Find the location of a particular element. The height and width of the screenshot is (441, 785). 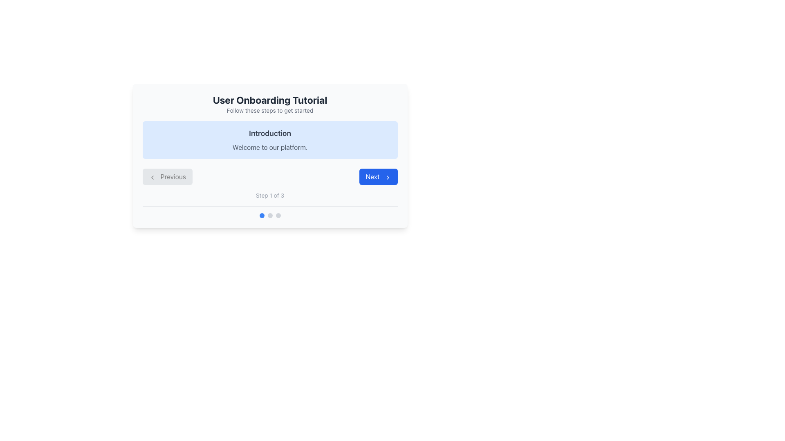

the first circular progress indicator, which is styled with a blue fill and is part of a horizontal sequence of indicators at the bottom of the panel is located at coordinates (262, 215).